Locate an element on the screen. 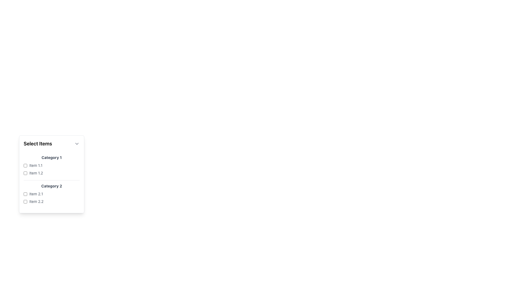 Image resolution: width=522 pixels, height=293 pixels. the second category header text label in the dropdown menu, which is positioned below 'Category 1' and above 'Item 2.1' and 'Item 2.2' is located at coordinates (52, 186).